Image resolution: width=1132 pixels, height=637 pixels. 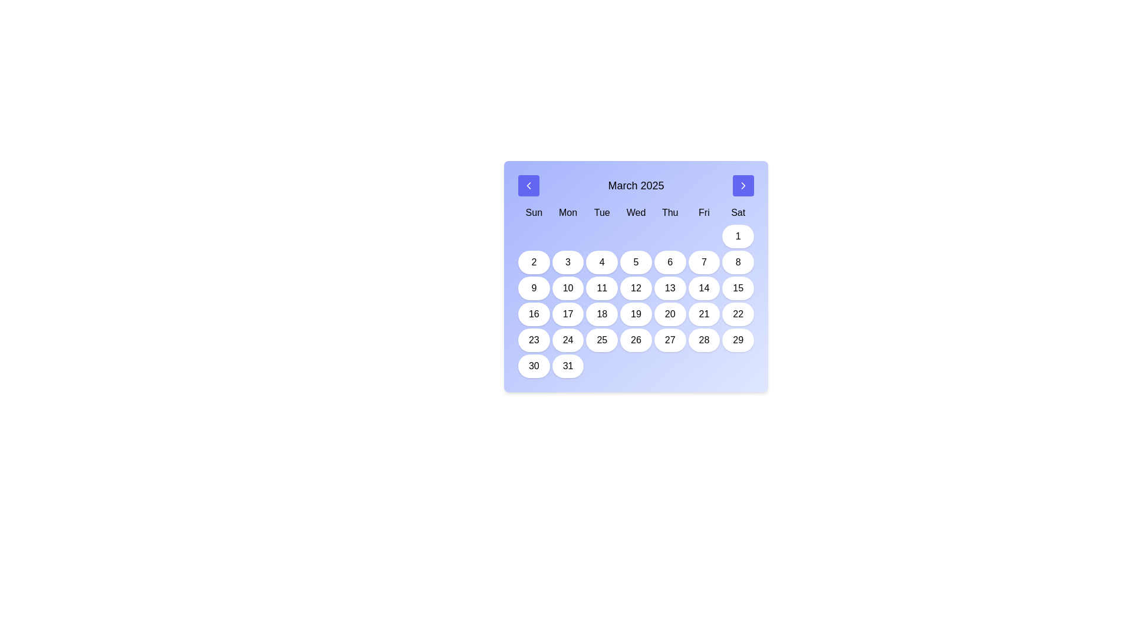 I want to click on the navigation button located at the top right of the calendar interface to trigger a visual reaction, so click(x=743, y=186).